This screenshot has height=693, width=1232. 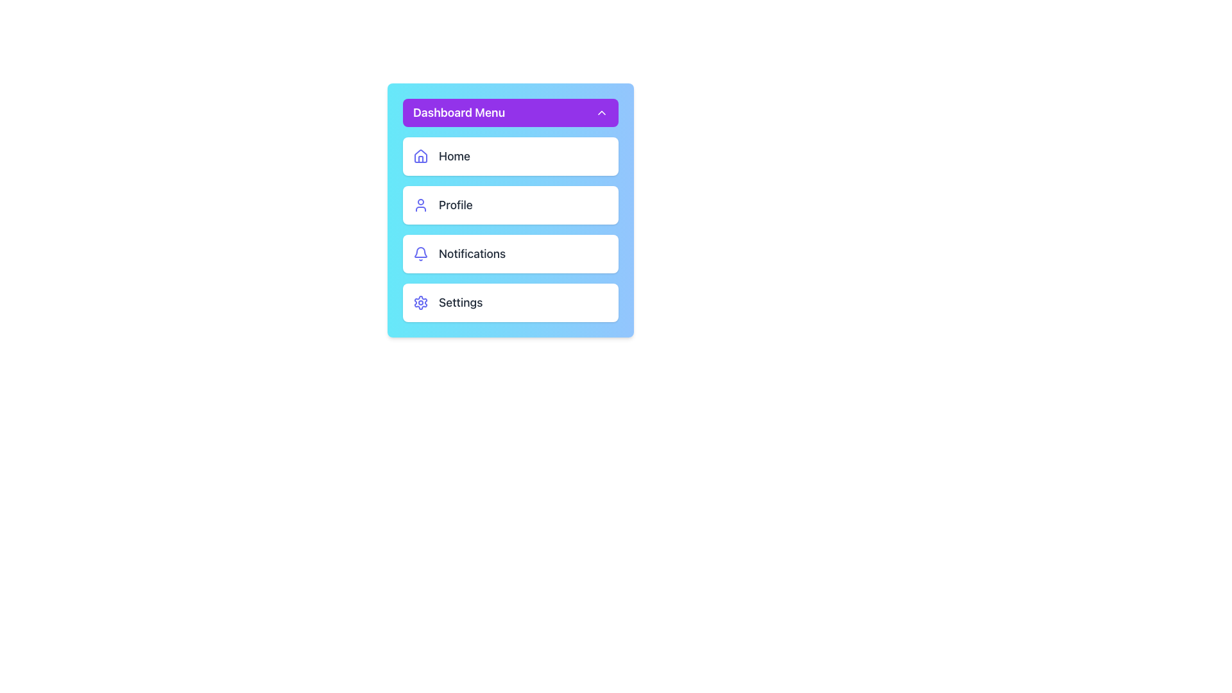 What do you see at coordinates (421, 254) in the screenshot?
I see `the bell icon which represents the notification indicator, located to the left of the 'Notifications' text label in the notification component` at bounding box center [421, 254].